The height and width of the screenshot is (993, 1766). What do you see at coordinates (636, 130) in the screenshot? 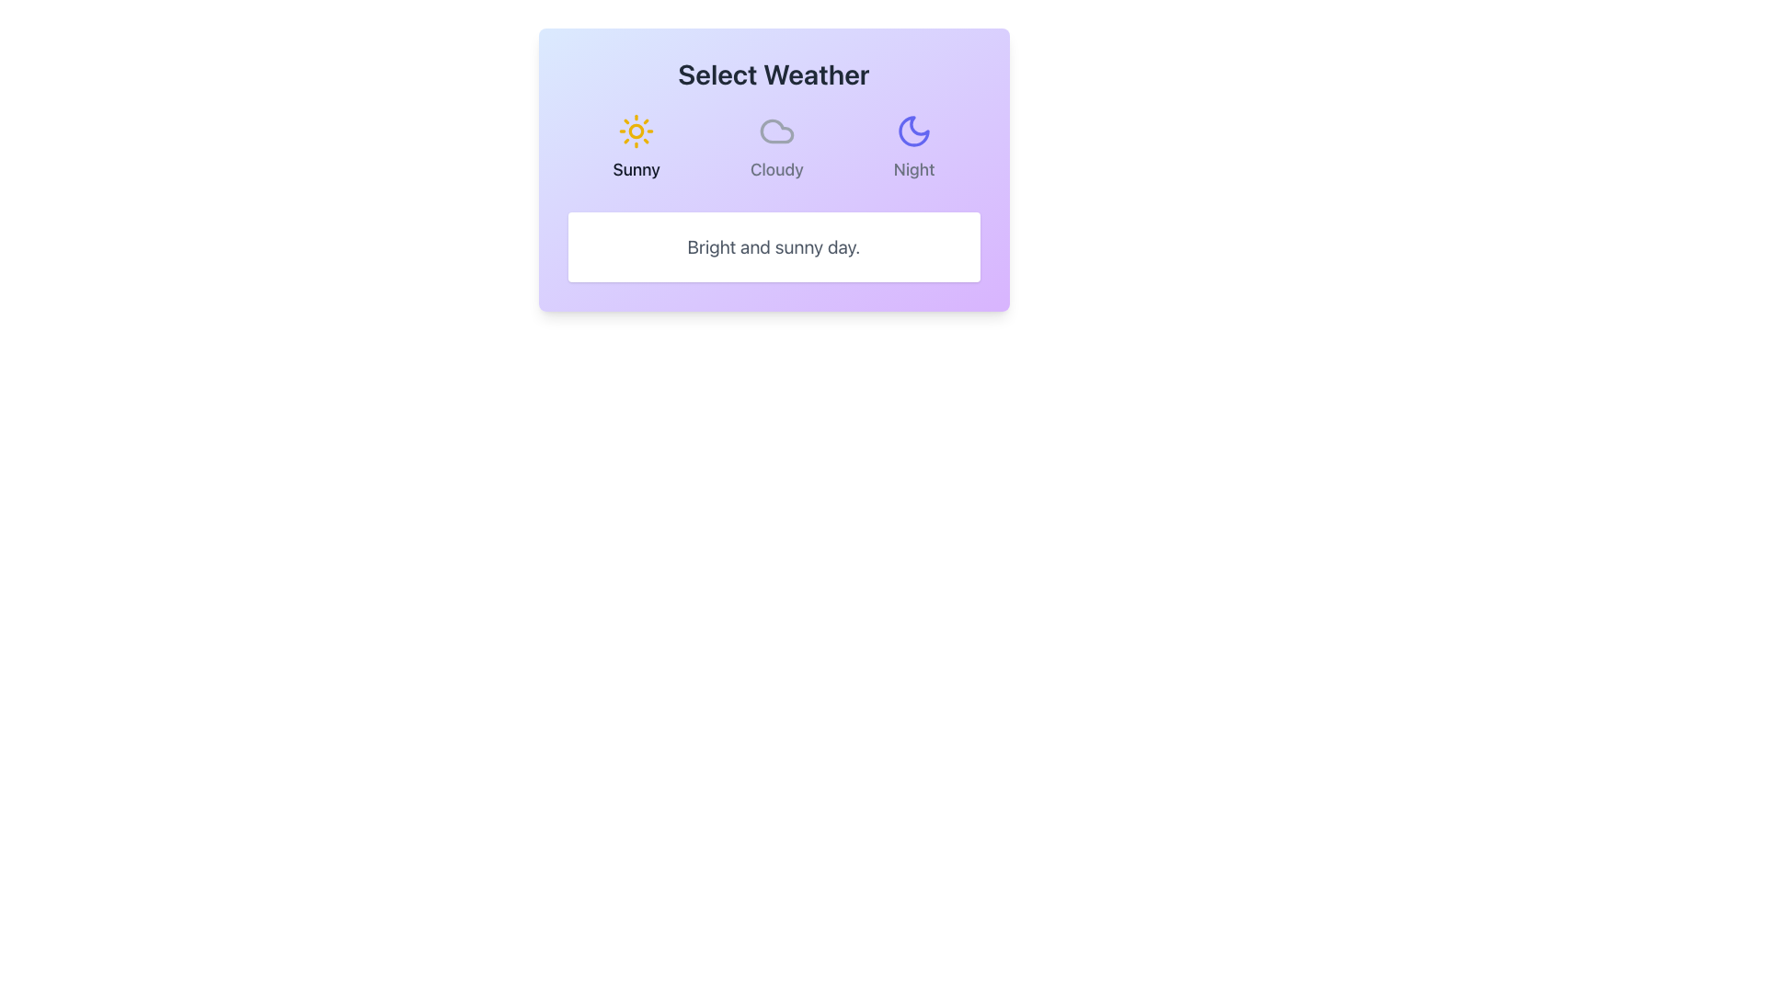
I see `the sun icon, which is the first item in the weather options and is located directly above the label 'Sunny'` at bounding box center [636, 130].